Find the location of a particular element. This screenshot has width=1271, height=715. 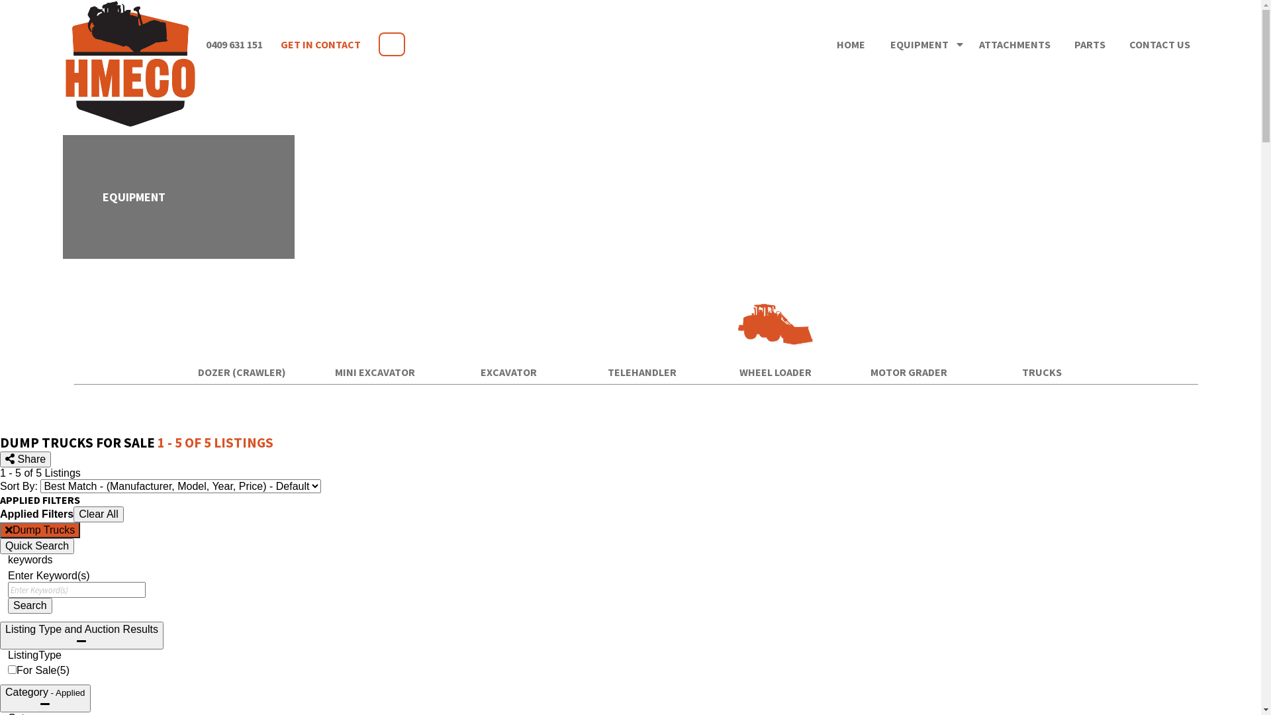

'MINI EXCAVATOR' is located at coordinates (374, 372).